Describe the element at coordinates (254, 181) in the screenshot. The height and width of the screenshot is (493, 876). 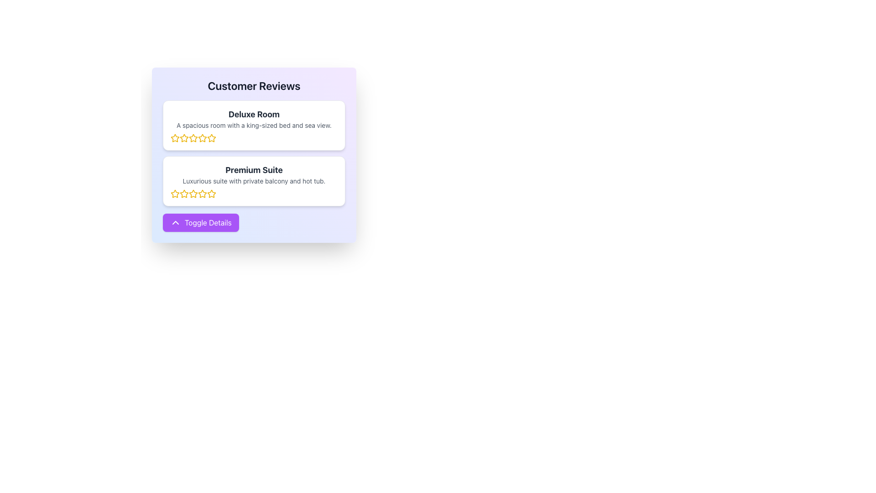
I see `the text description reading 'Luxurious suite with private balcony and hot tub.' located in the second card under the title 'Premium Suite'` at that location.